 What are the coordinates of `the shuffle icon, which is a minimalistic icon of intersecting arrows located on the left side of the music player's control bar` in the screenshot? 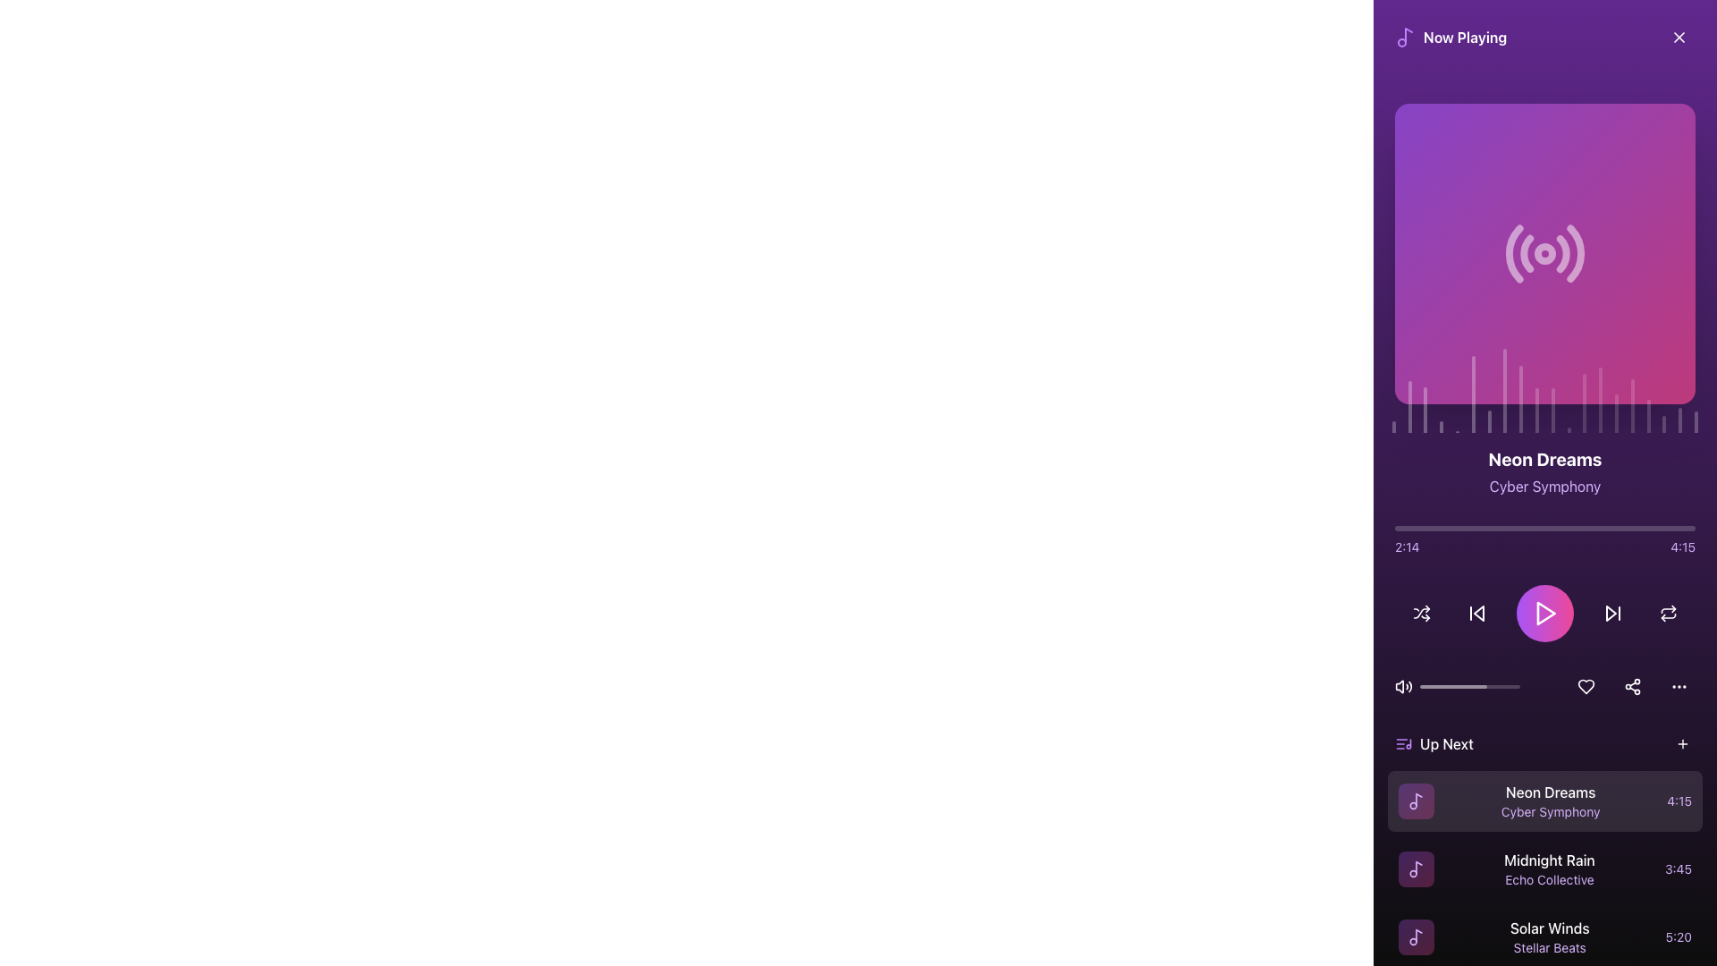 It's located at (1420, 613).